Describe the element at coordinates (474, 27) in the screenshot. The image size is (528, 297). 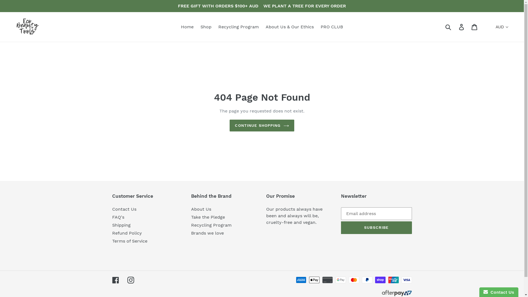
I see `'Cart'` at that location.